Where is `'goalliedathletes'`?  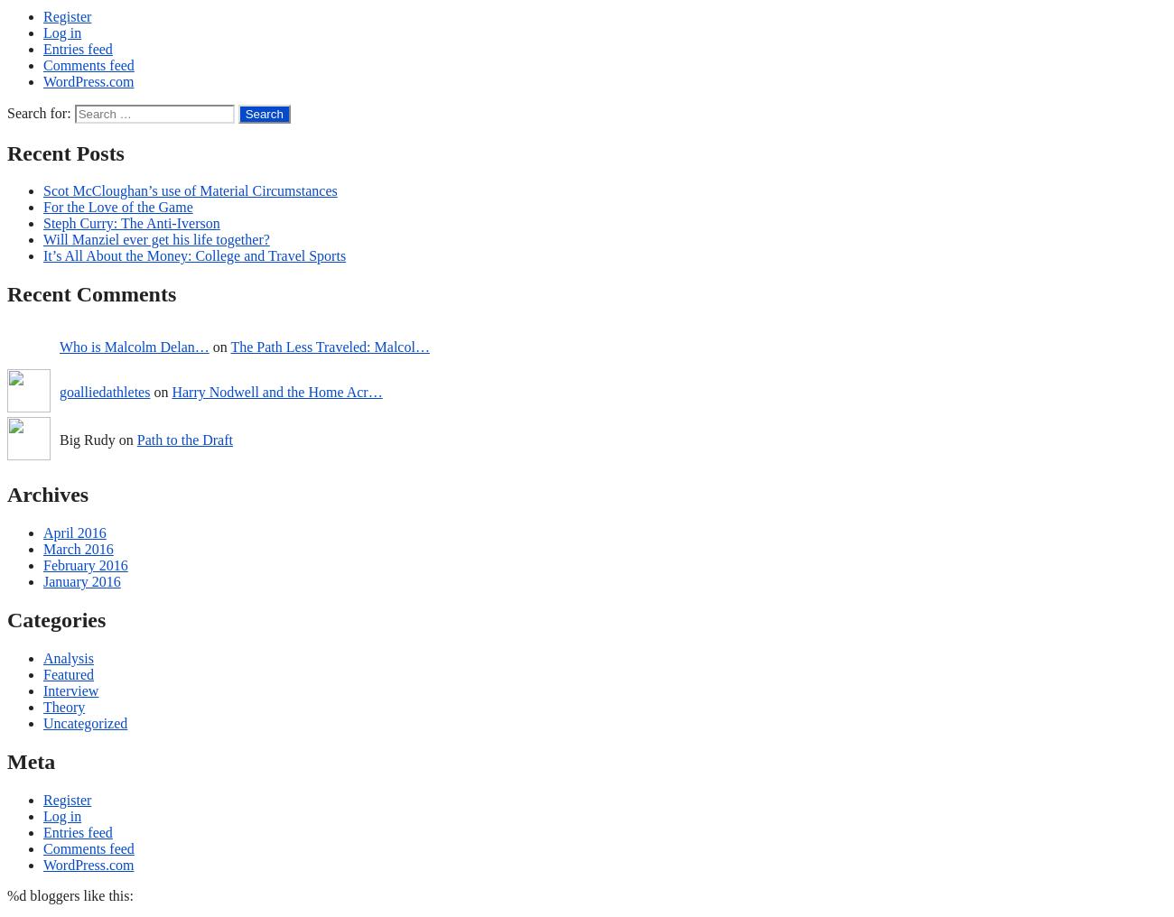 'goalliedathletes' is located at coordinates (103, 390).